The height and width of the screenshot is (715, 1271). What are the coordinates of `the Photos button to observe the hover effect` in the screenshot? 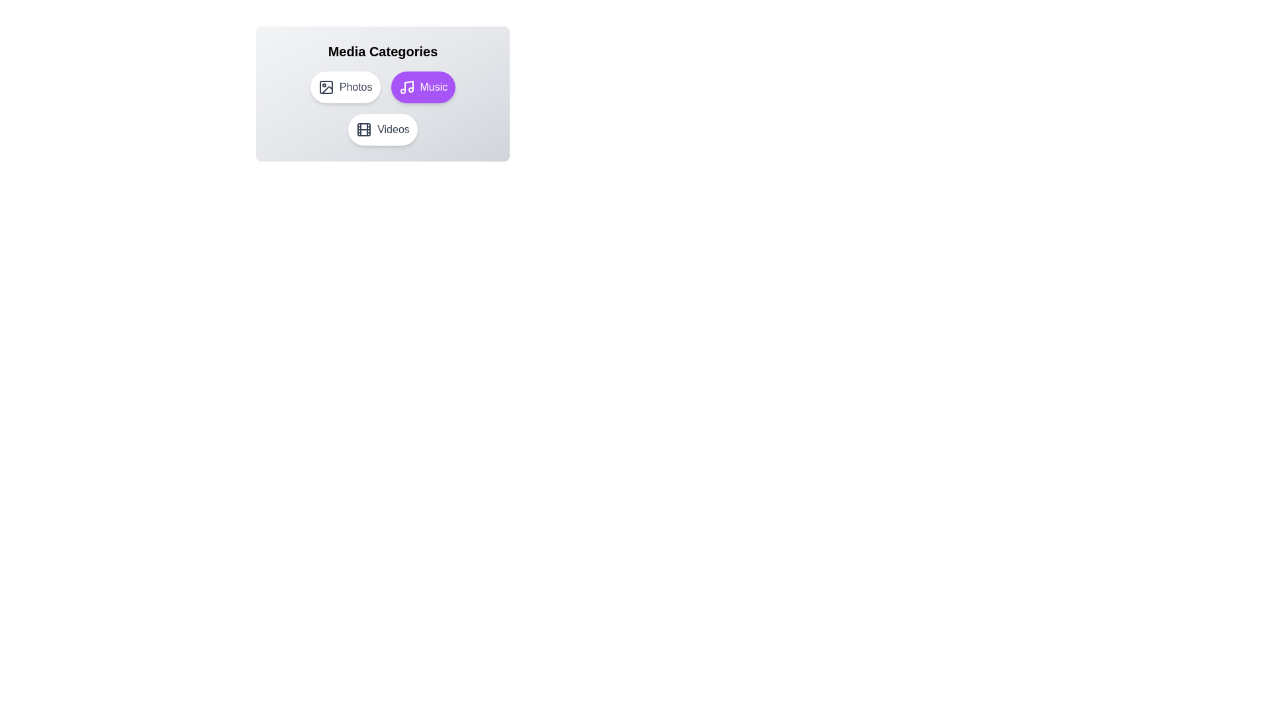 It's located at (345, 87).